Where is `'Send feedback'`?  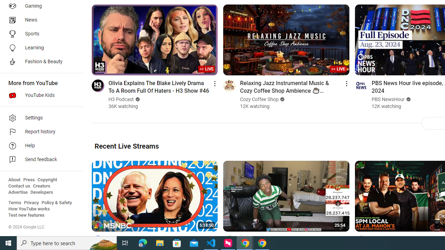 'Send feedback' is located at coordinates (39, 160).